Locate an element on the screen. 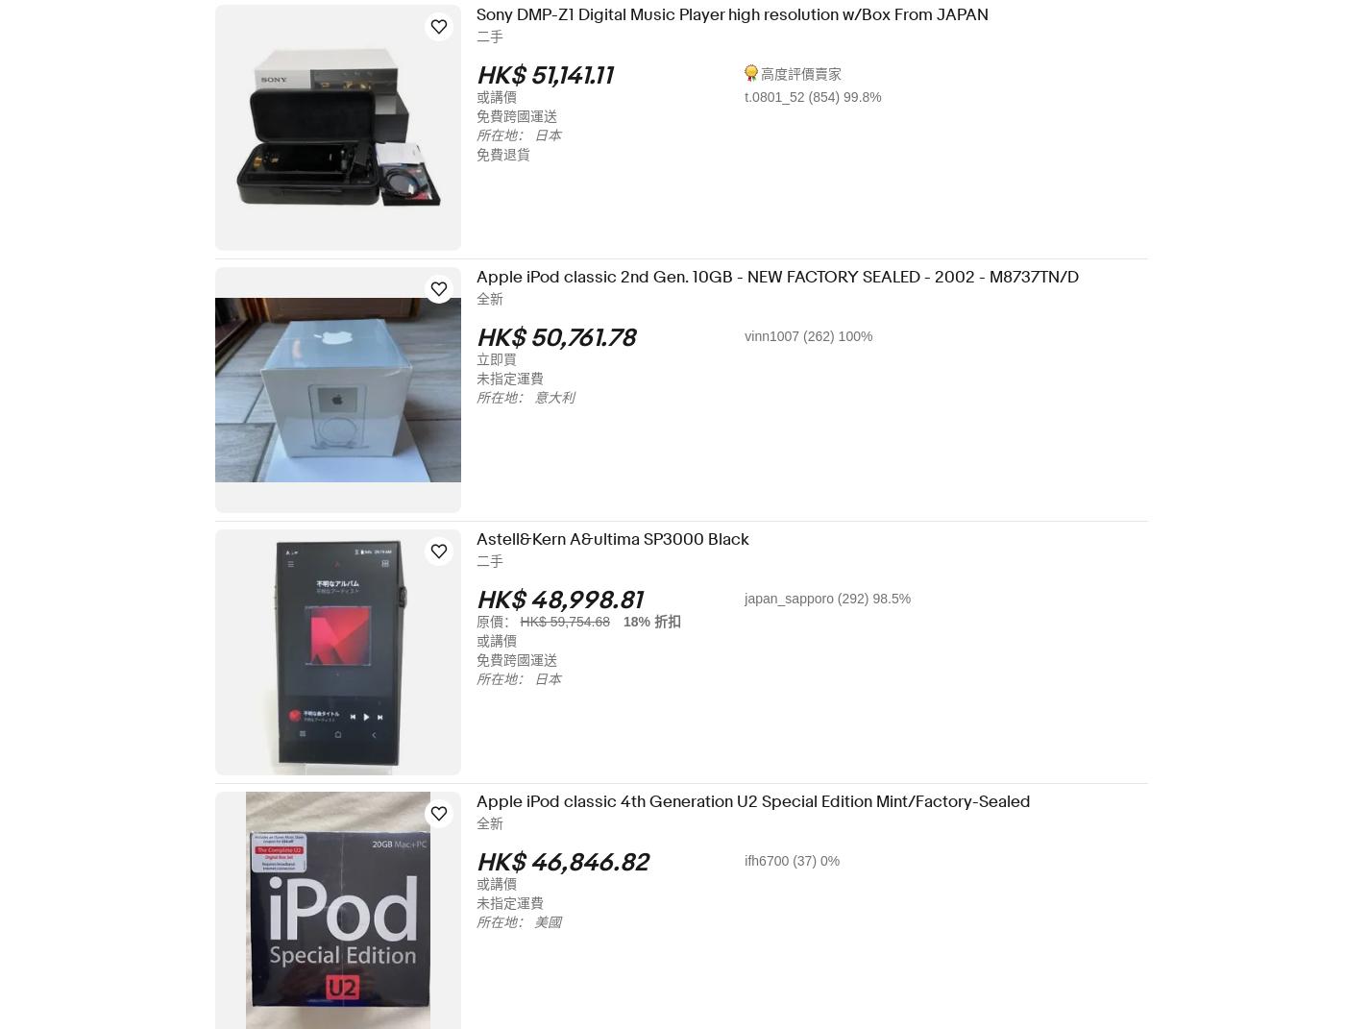  'HK$ 48,998.81' is located at coordinates (572, 600).